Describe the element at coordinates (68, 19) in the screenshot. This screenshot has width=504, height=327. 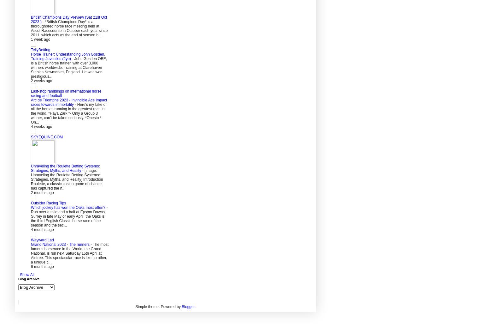
I see `'British Champions Day Preview (Sat 21st Oct 2023 )'` at that location.